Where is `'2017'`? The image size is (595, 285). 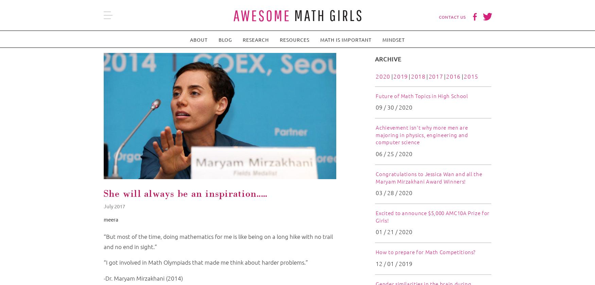 '2017' is located at coordinates (435, 76).